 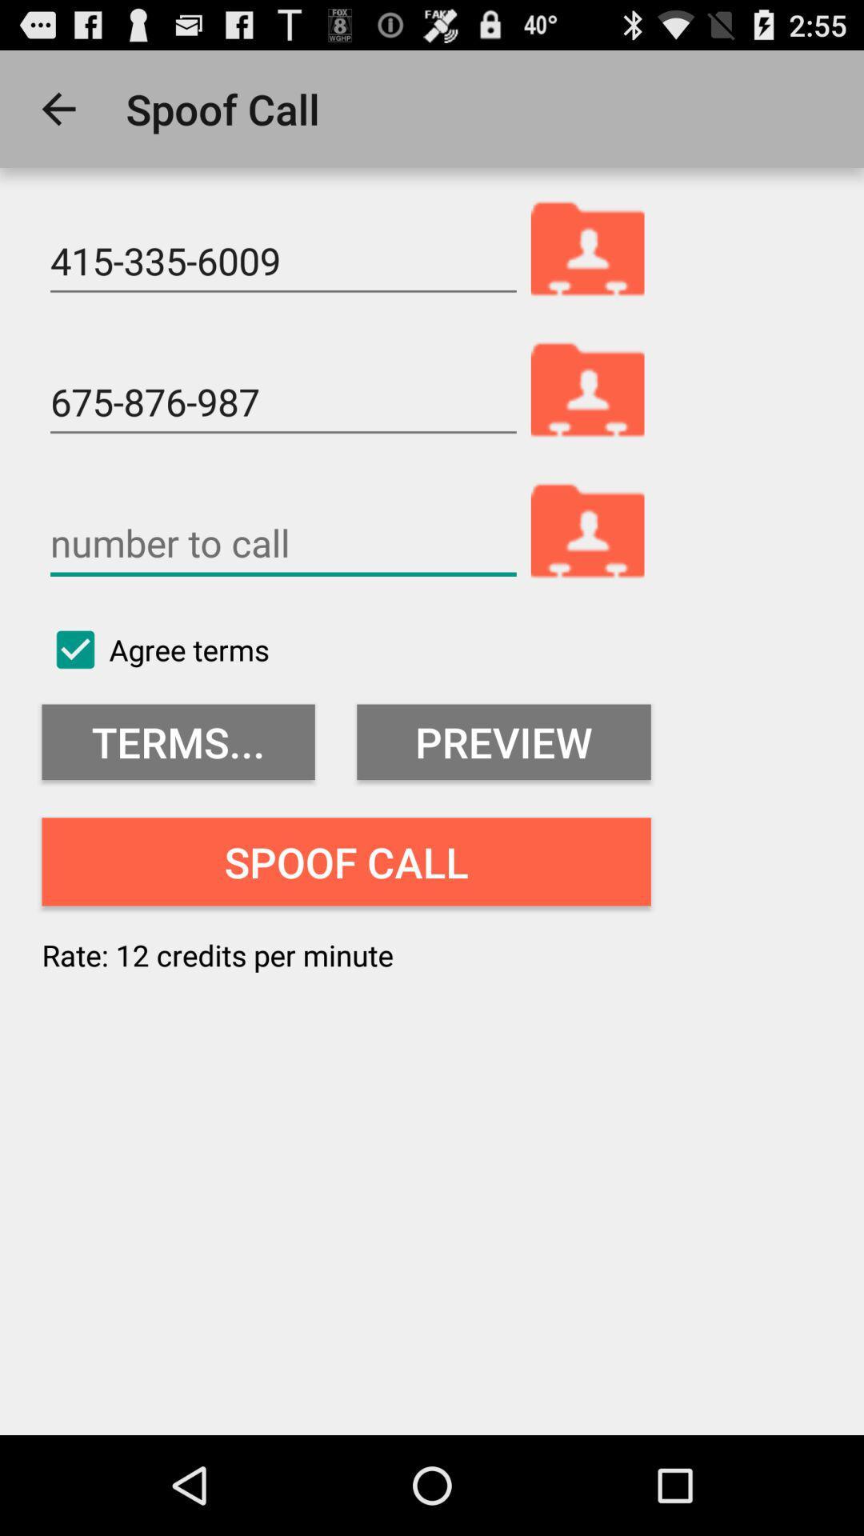 What do you see at coordinates (155, 650) in the screenshot?
I see `the icon above the terms... icon` at bounding box center [155, 650].